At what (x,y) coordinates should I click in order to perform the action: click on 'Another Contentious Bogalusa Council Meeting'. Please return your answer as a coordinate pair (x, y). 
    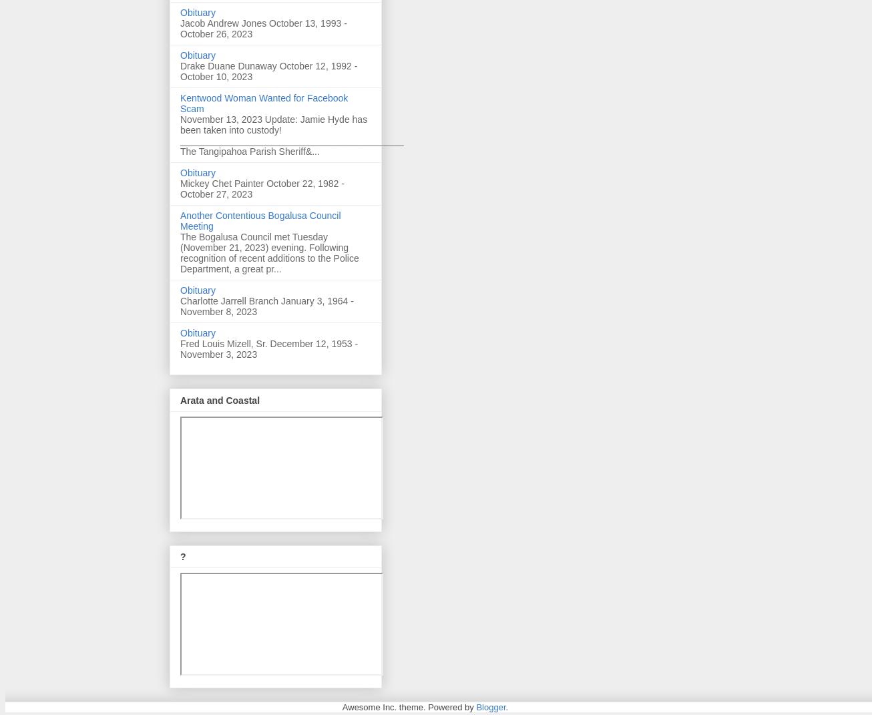
    Looking at the image, I should click on (259, 220).